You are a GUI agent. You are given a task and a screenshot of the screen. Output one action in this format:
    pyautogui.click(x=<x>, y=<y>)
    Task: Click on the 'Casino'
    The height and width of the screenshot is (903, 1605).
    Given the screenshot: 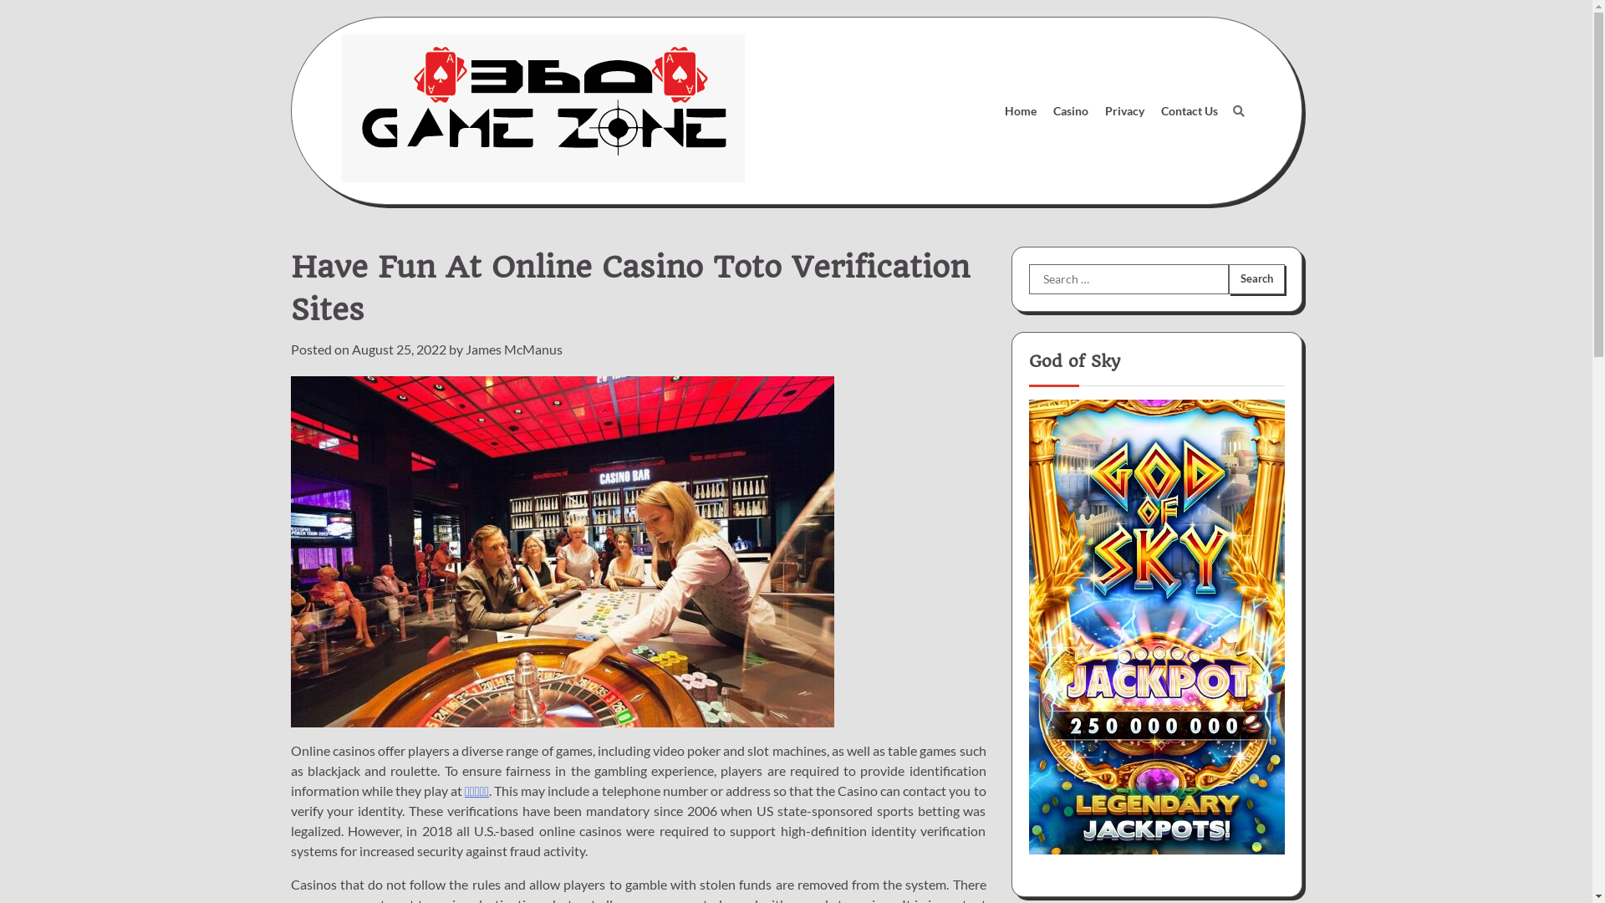 What is the action you would take?
    pyautogui.click(x=1071, y=110)
    